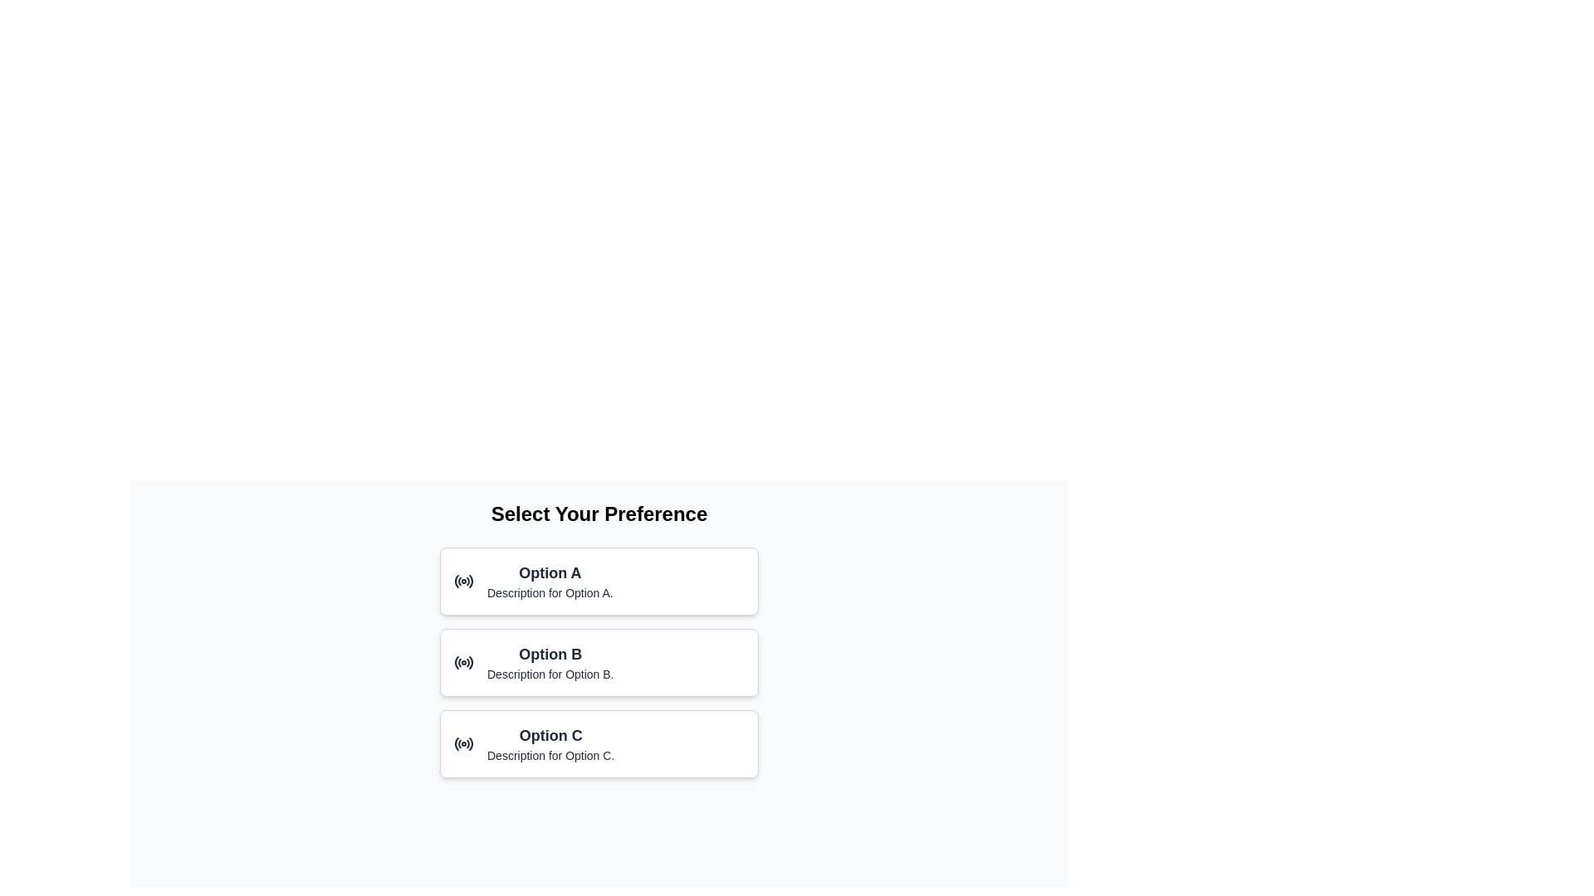  I want to click on the text label displaying 'Option A', which is styled in bold and is positioned at the top-center of the first selection card in a vertical list, so click(550, 572).